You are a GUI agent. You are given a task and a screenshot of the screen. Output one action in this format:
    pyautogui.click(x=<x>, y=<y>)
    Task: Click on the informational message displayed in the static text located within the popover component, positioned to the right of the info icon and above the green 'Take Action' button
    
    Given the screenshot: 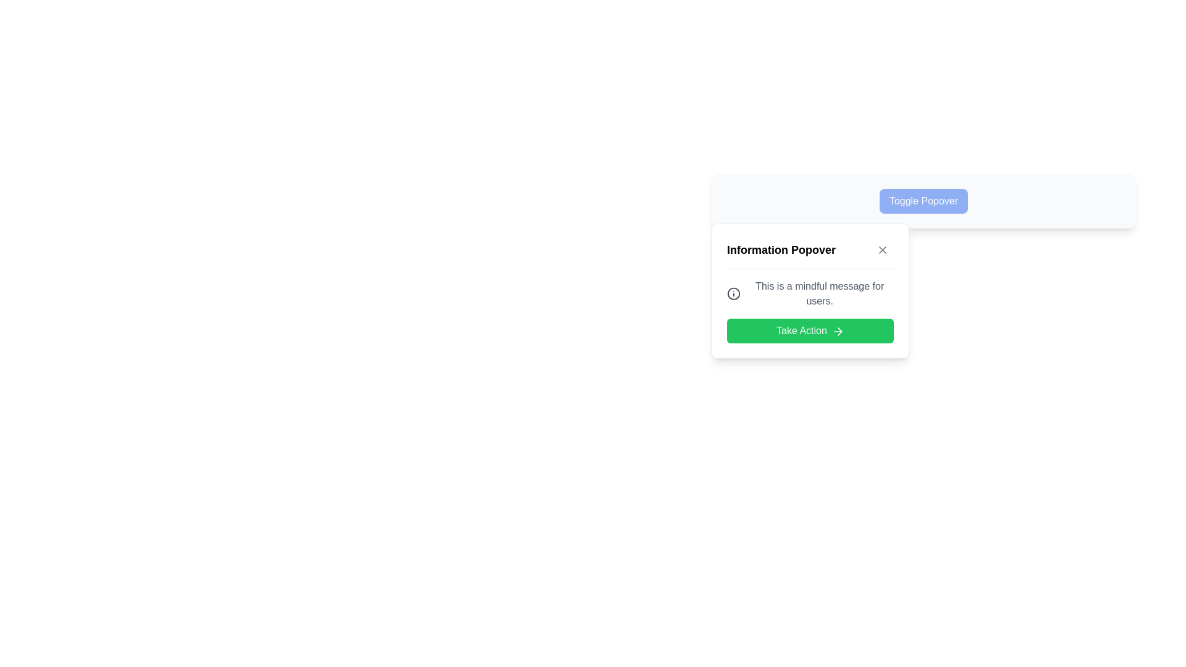 What is the action you would take?
    pyautogui.click(x=820, y=293)
    